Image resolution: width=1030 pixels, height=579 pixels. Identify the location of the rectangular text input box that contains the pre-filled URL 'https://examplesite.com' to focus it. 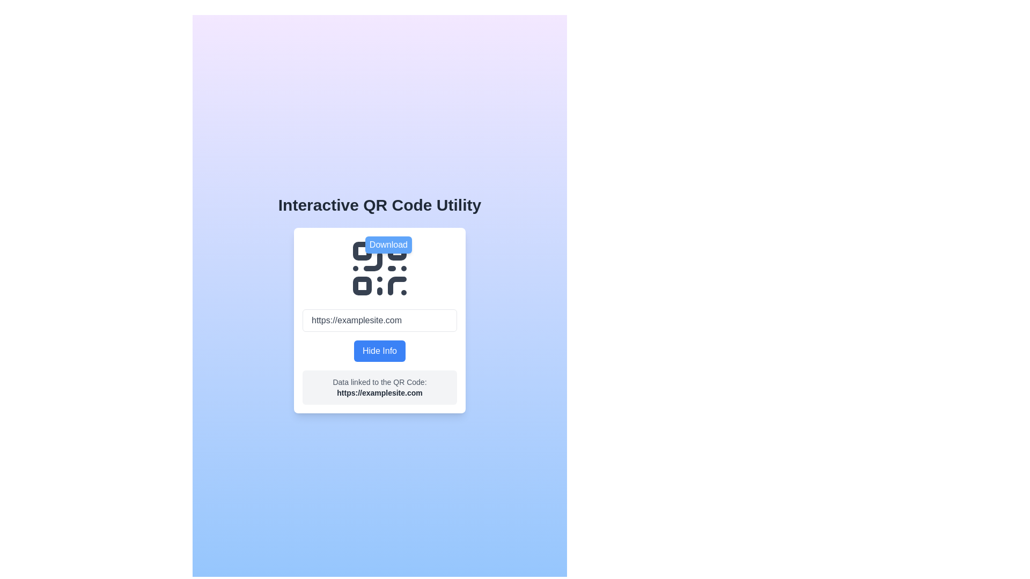
(380, 320).